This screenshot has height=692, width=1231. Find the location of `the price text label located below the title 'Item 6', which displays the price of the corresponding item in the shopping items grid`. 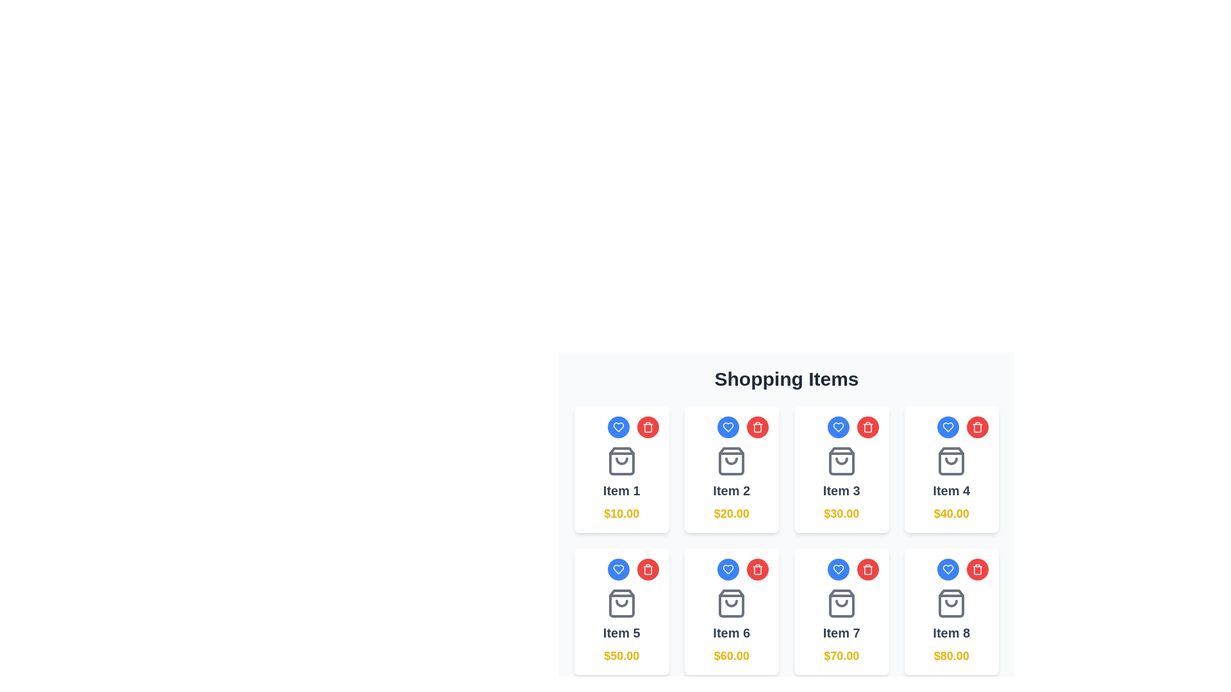

the price text label located below the title 'Item 6', which displays the price of the corresponding item in the shopping items grid is located at coordinates (732, 655).